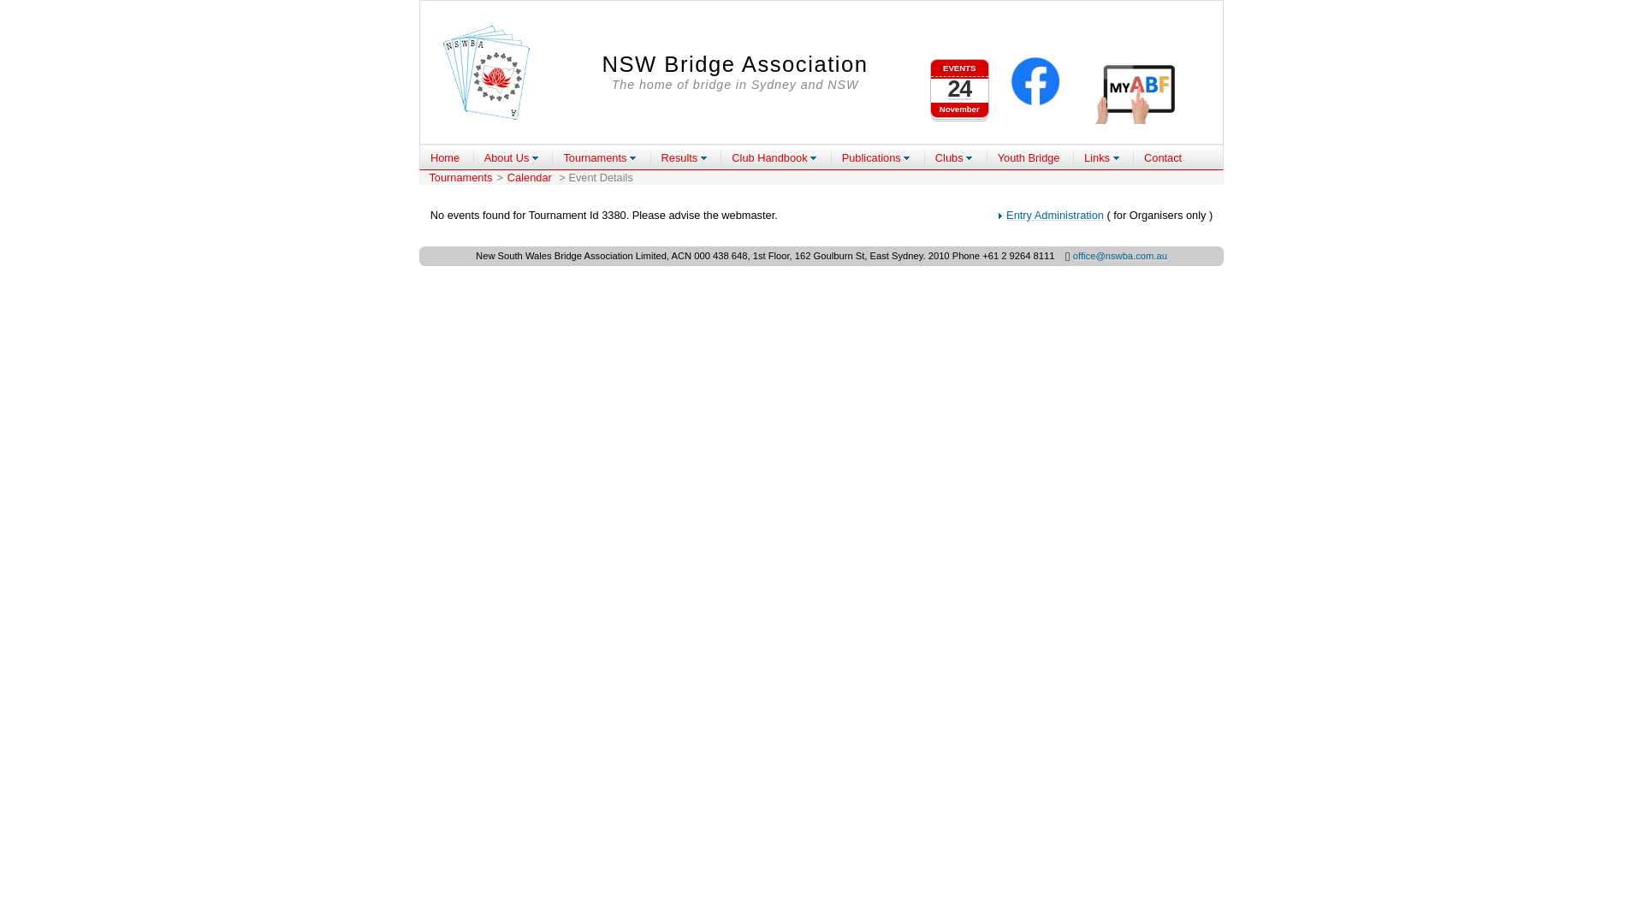 Image resolution: width=1643 pixels, height=924 pixels. Describe the element at coordinates (959, 81) in the screenshot. I see `'EVENTS` at that location.